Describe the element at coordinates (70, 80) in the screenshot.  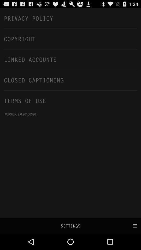
I see `the closed captioning icon` at that location.